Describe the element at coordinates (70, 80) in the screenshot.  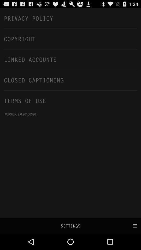
I see `the closed captioning icon` at that location.